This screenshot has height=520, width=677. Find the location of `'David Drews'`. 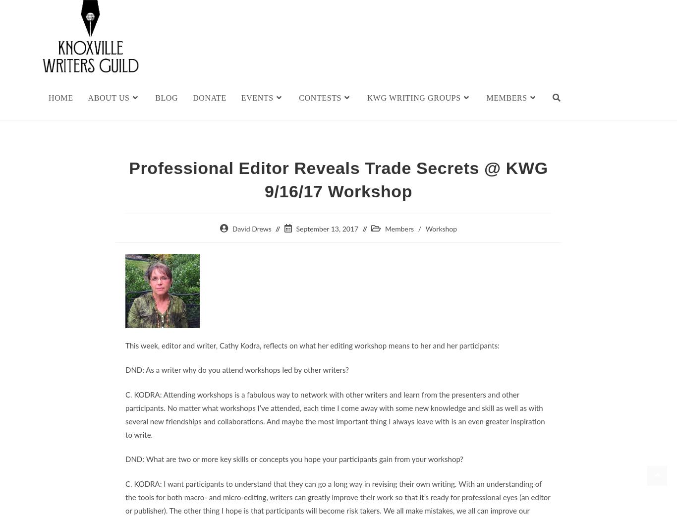

'David Drews' is located at coordinates (251, 229).